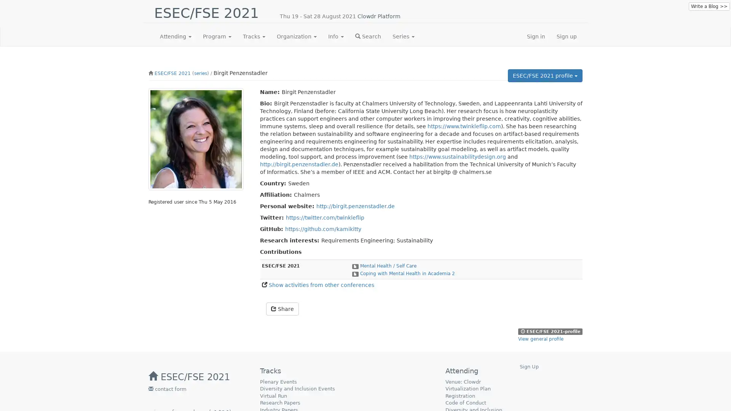 This screenshot has width=731, height=411. Describe the element at coordinates (544, 76) in the screenshot. I see `ESEC/FSE 2021 profile` at that location.